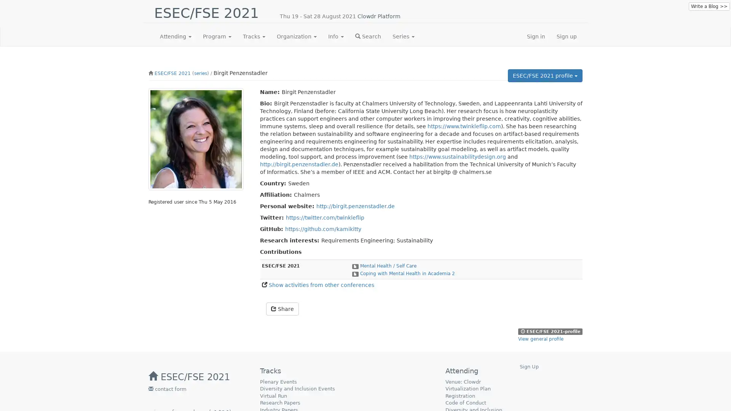 This screenshot has width=731, height=411. Describe the element at coordinates (544, 76) in the screenshot. I see `ESEC/FSE 2021 profile` at that location.